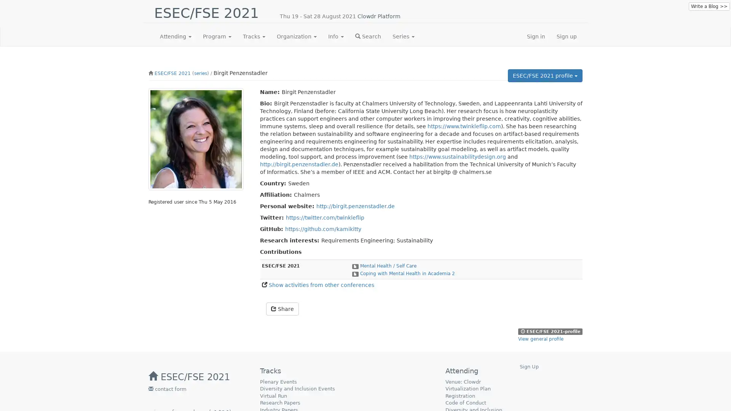 This screenshot has width=731, height=411. Describe the element at coordinates (544, 76) in the screenshot. I see `ESEC/FSE 2021 profile` at that location.